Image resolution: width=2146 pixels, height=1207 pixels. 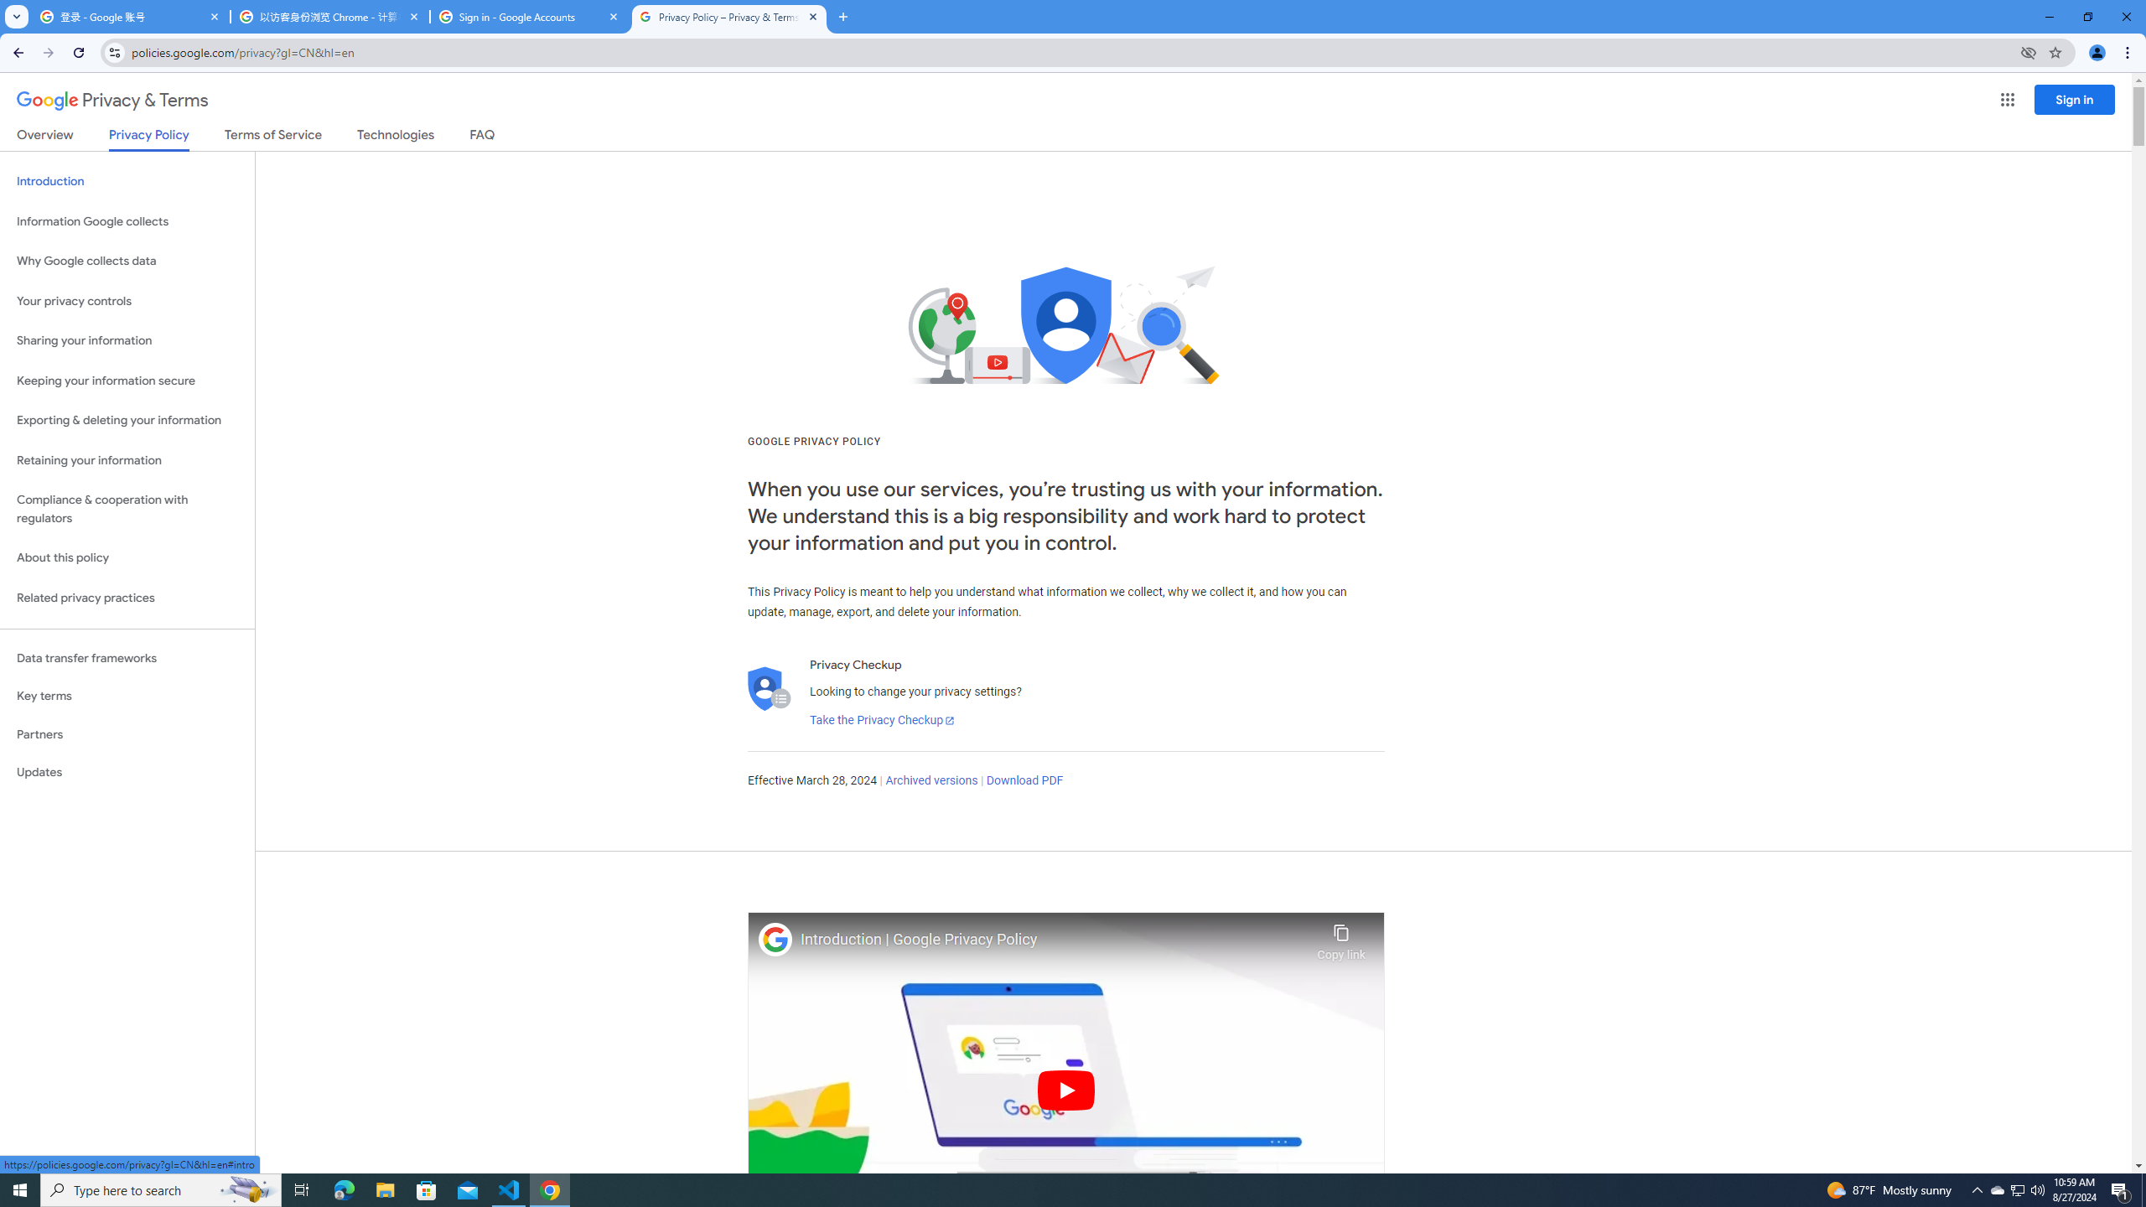 I want to click on 'Copy link', so click(x=1340, y=937).